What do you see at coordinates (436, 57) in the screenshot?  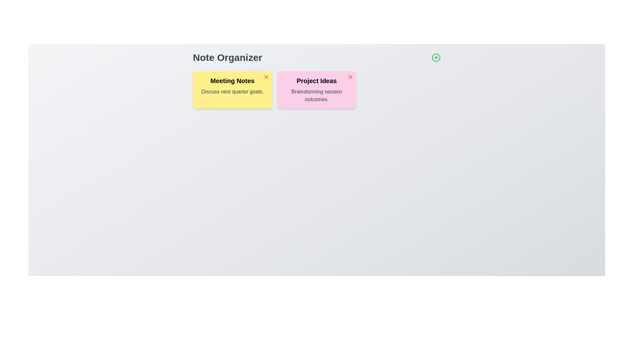 I see `the circular shape with a green stroke and solid white background that is part of the plus-sign icon located in the top-right corner of the interface` at bounding box center [436, 57].